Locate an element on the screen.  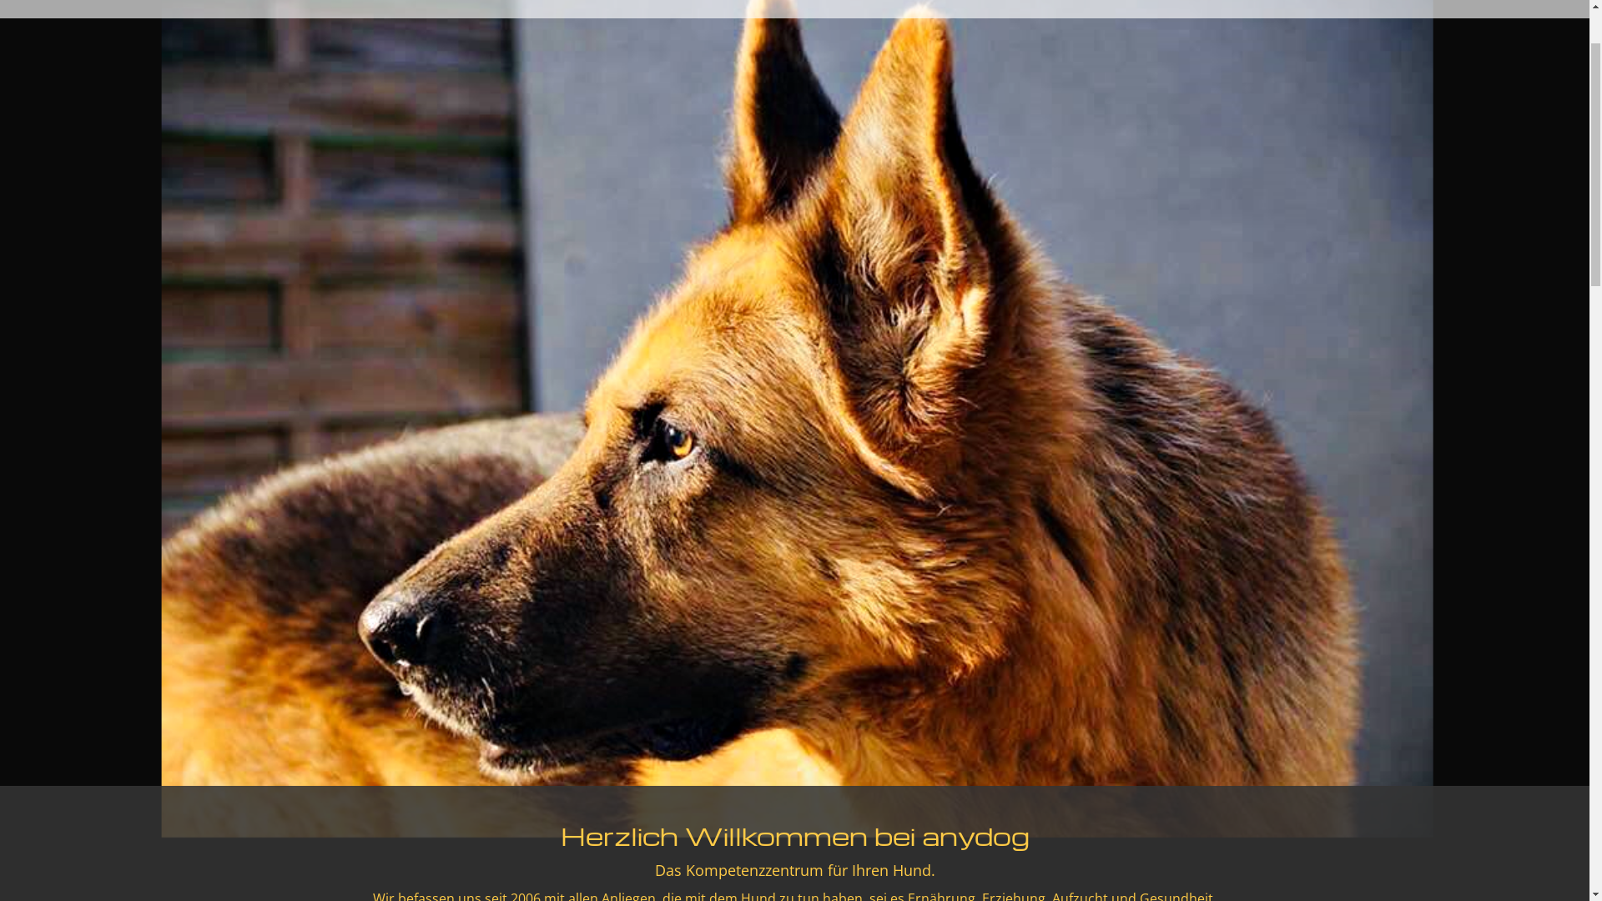
'Ausbildung/Kurs' is located at coordinates (571, 35).